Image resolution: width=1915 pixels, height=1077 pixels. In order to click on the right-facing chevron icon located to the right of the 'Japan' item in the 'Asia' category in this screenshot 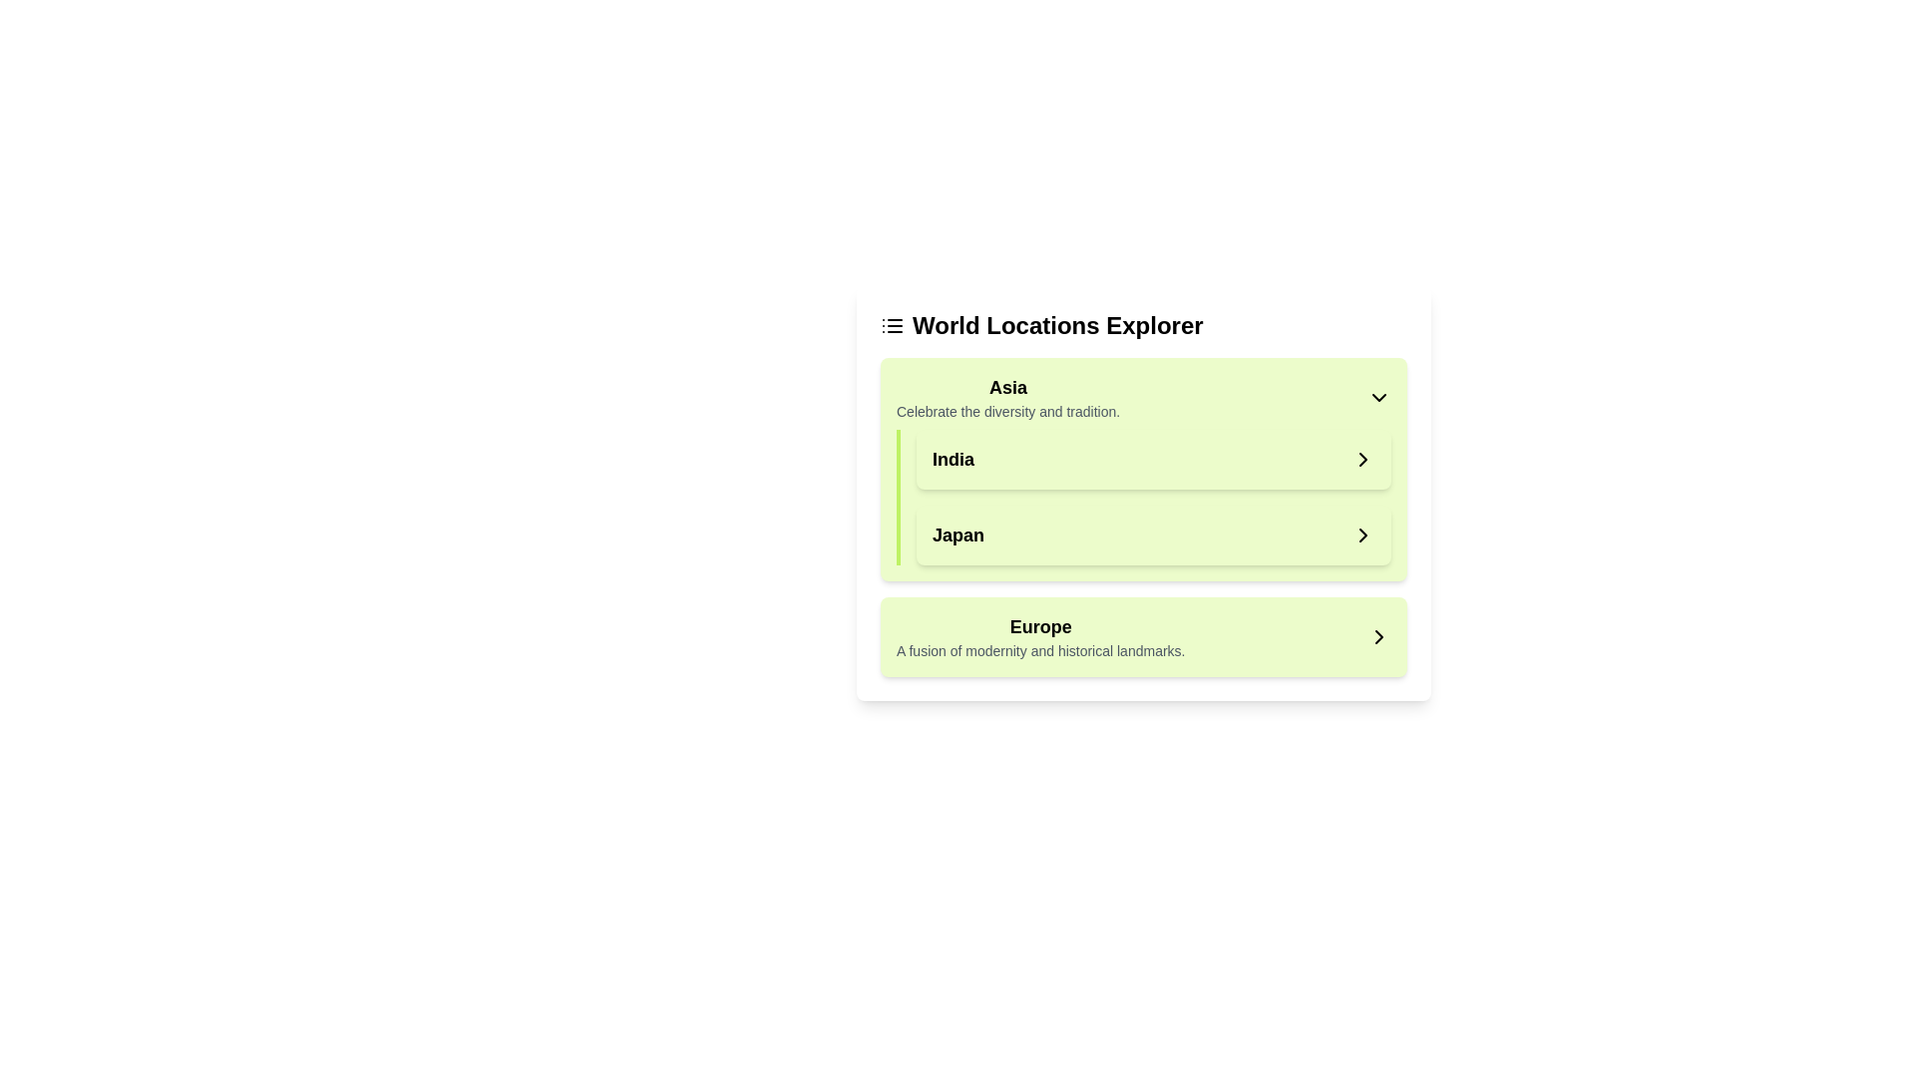, I will do `click(1362, 534)`.